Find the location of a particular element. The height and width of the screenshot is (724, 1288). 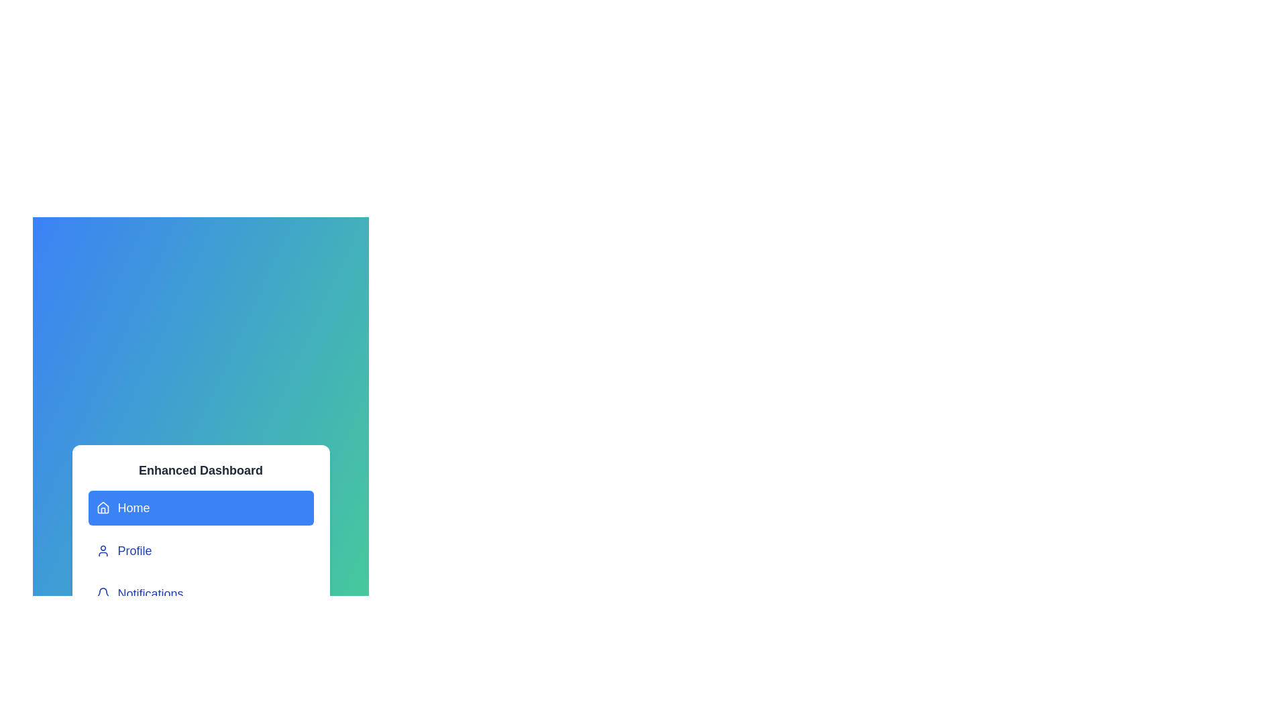

the menu item labeled Profile to navigate to it is located at coordinates (200, 550).